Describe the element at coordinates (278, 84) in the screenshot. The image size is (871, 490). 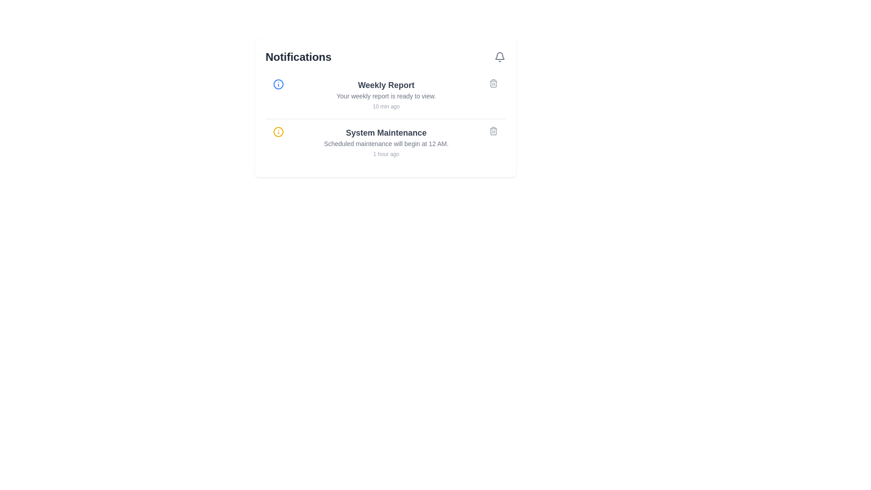
I see `the Circle element within the SVG graphic that indicates the status of the notification, positioned above the 'Weekly Report' text` at that location.